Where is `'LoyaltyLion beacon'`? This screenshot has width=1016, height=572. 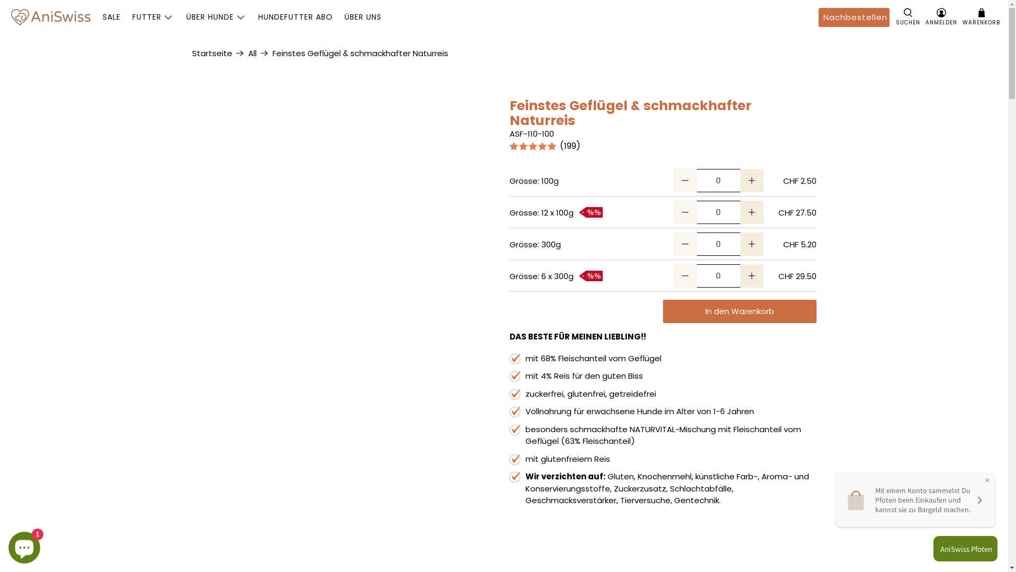
'LoyaltyLion beacon' is located at coordinates (963, 548).